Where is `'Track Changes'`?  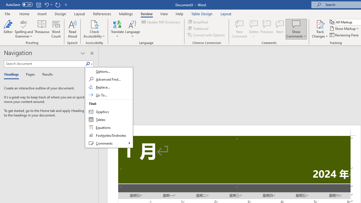
'Track Changes' is located at coordinates (320, 29).